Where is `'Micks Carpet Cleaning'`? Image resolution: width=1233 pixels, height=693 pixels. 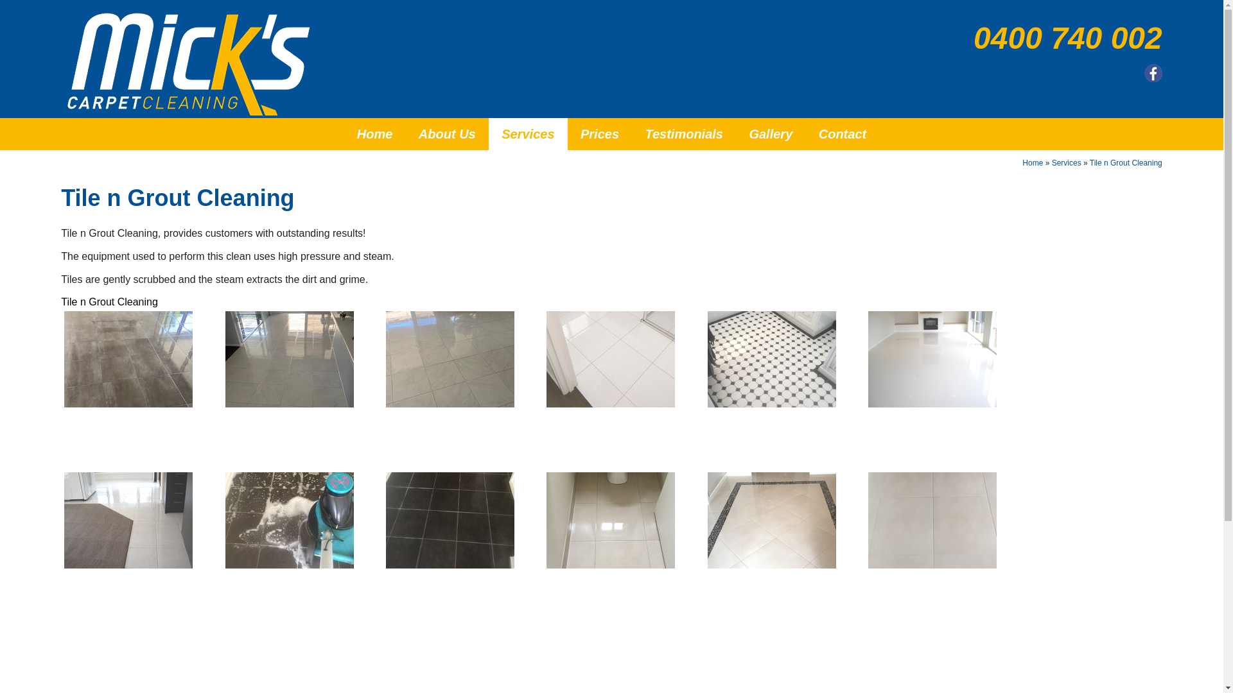 'Micks Carpet Cleaning' is located at coordinates (188, 64).